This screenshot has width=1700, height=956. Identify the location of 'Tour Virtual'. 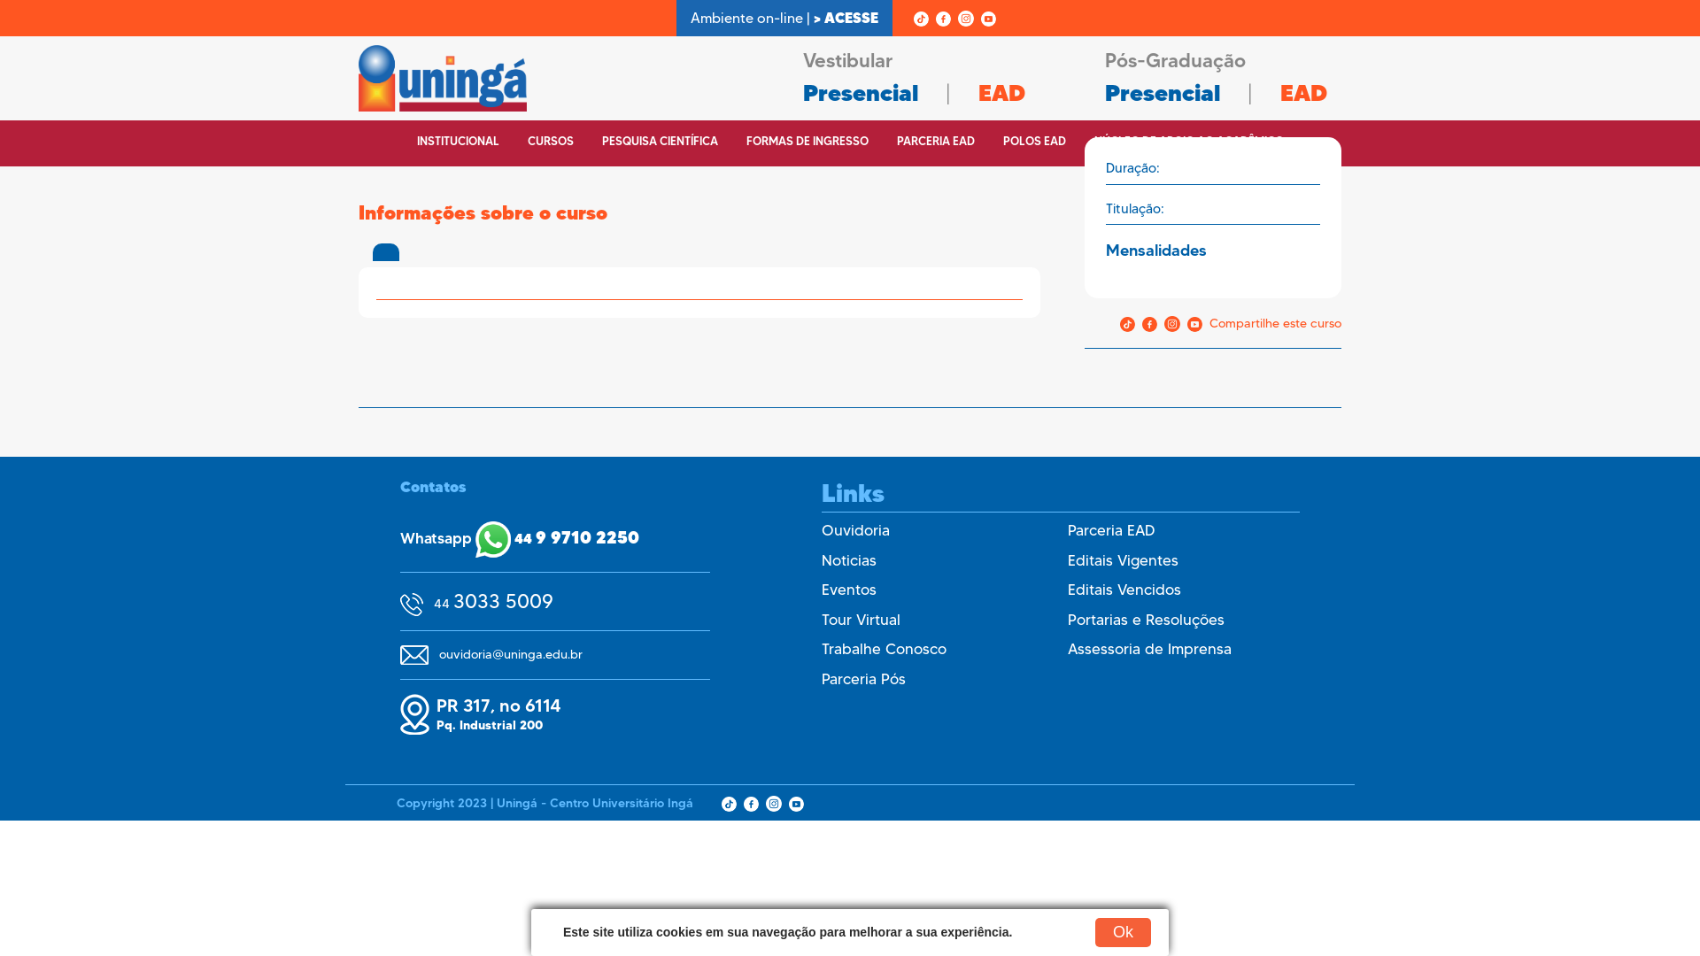
(937, 620).